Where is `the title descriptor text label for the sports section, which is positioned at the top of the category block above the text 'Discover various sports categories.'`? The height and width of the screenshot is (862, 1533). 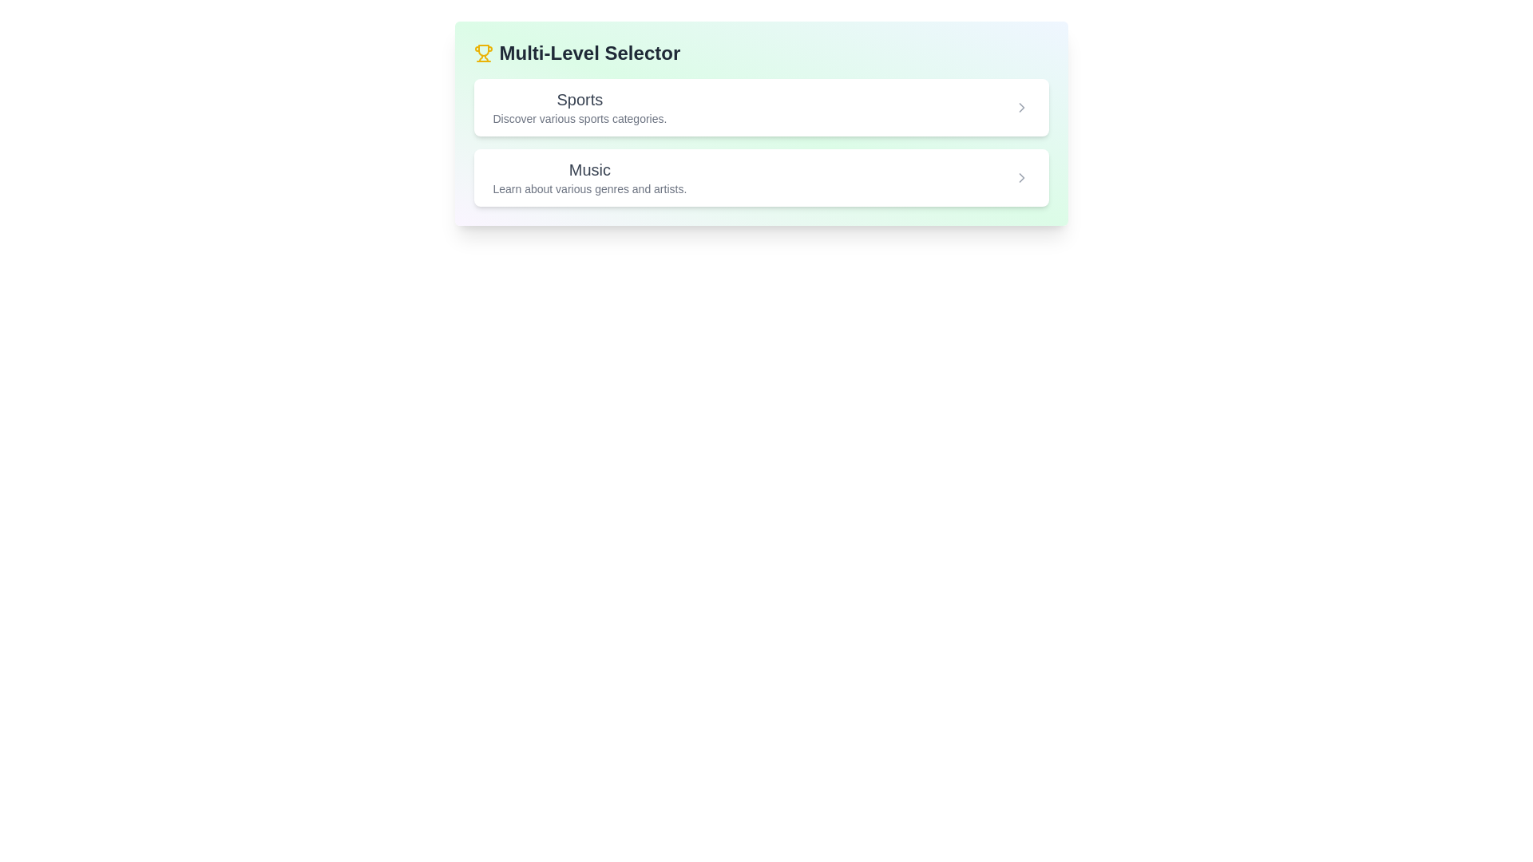 the title descriptor text label for the sports section, which is positioned at the top of the category block above the text 'Discover various sports categories.' is located at coordinates (579, 99).